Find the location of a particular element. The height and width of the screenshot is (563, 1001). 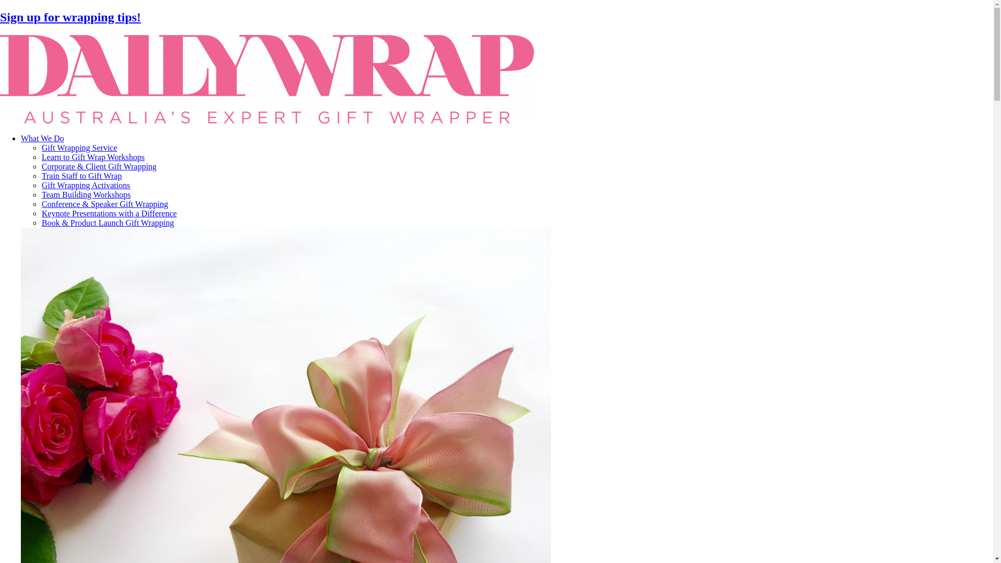

'Book & Product Launch Gift Wrapping' is located at coordinates (107, 222).